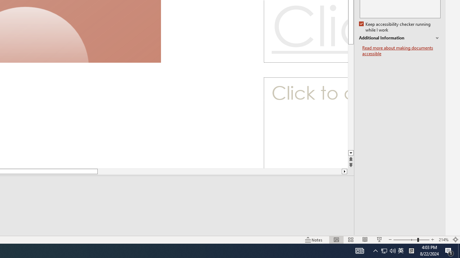 The height and width of the screenshot is (258, 460). Describe the element at coordinates (395, 27) in the screenshot. I see `'Keep accessibility checker running while I work'` at that location.